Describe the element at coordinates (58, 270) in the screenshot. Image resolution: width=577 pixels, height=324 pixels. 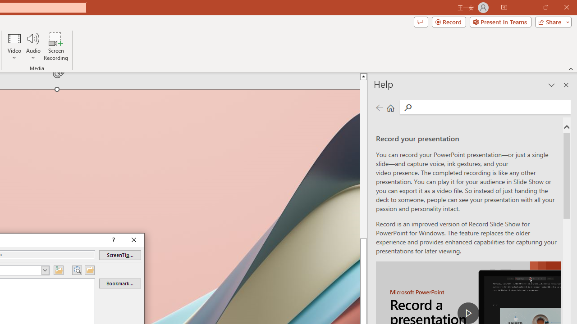
I see `'Up One Folder'` at that location.